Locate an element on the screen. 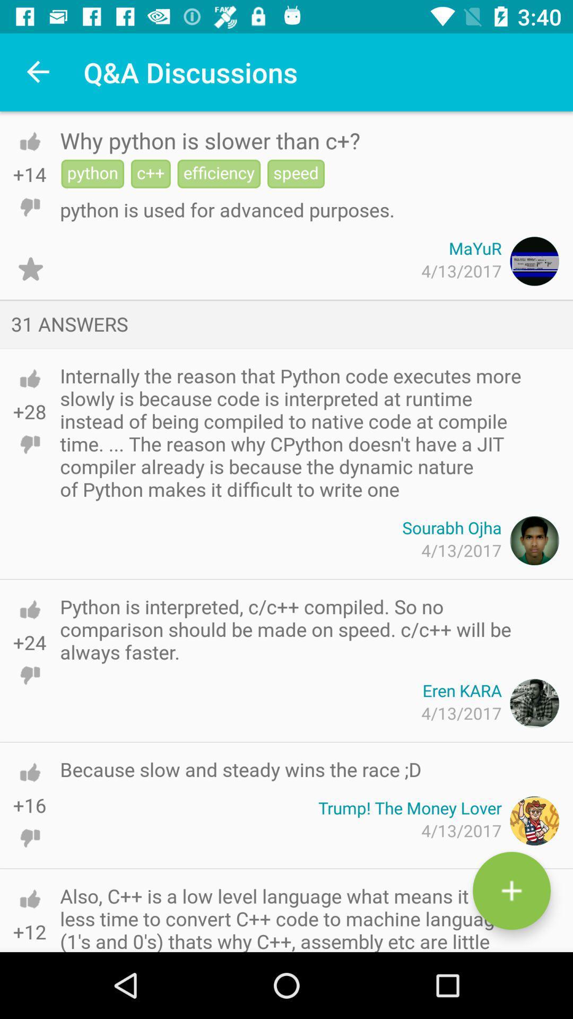 This screenshot has width=573, height=1019. comment is located at coordinates (511, 891).